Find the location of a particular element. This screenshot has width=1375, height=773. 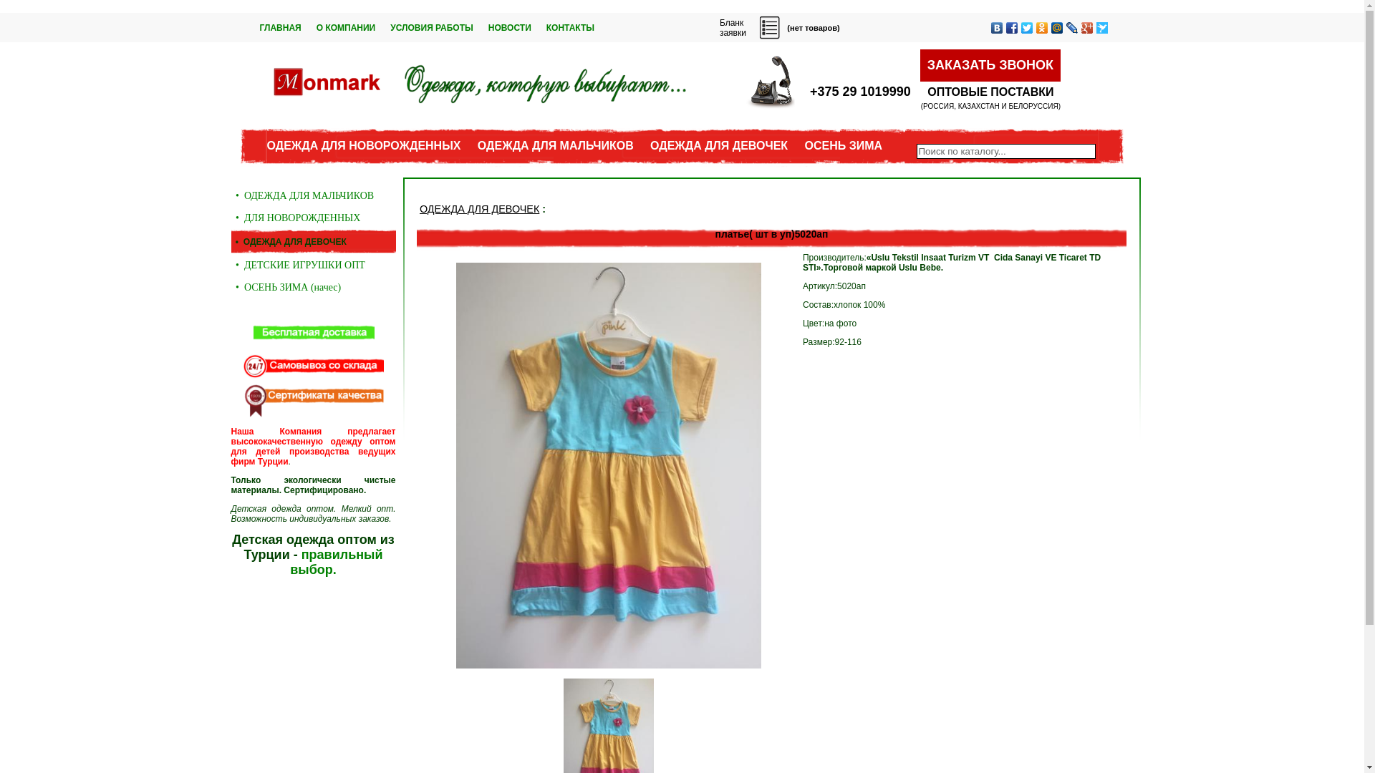

'LiveJournal' is located at coordinates (1071, 27).